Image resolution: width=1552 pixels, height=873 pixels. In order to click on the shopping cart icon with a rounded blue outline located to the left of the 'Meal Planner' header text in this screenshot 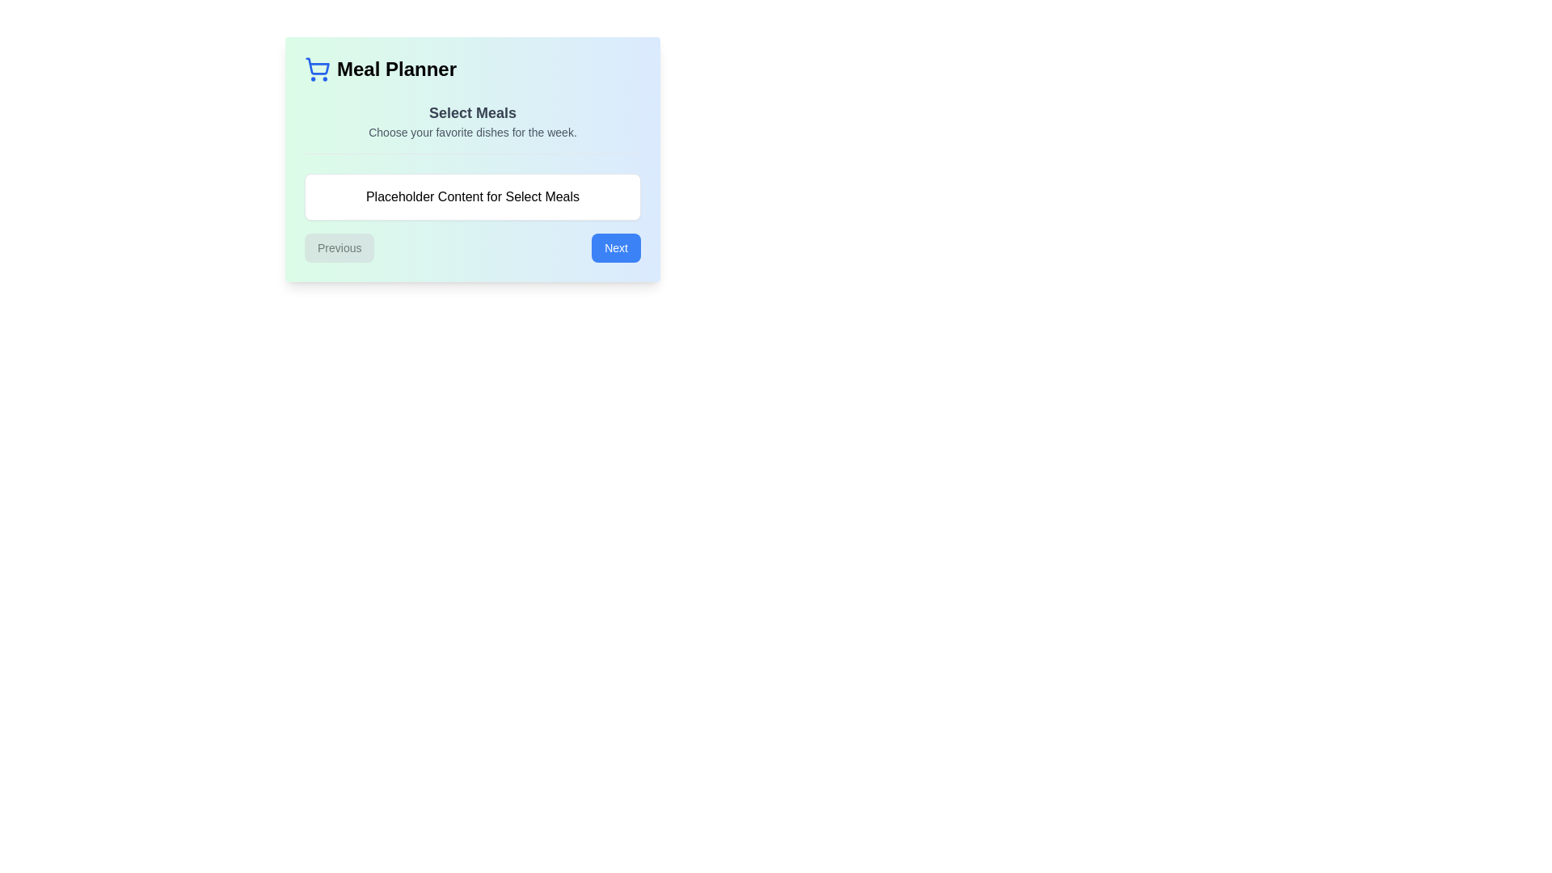, I will do `click(318, 68)`.